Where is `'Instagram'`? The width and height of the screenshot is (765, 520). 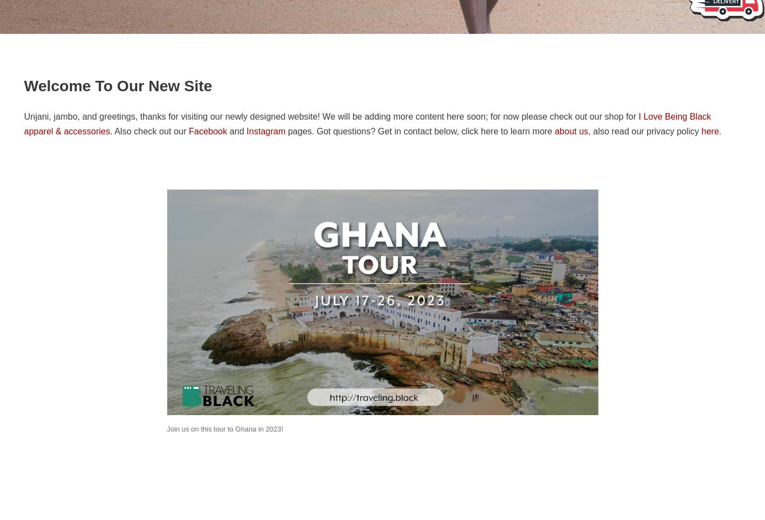 'Instagram' is located at coordinates (246, 131).